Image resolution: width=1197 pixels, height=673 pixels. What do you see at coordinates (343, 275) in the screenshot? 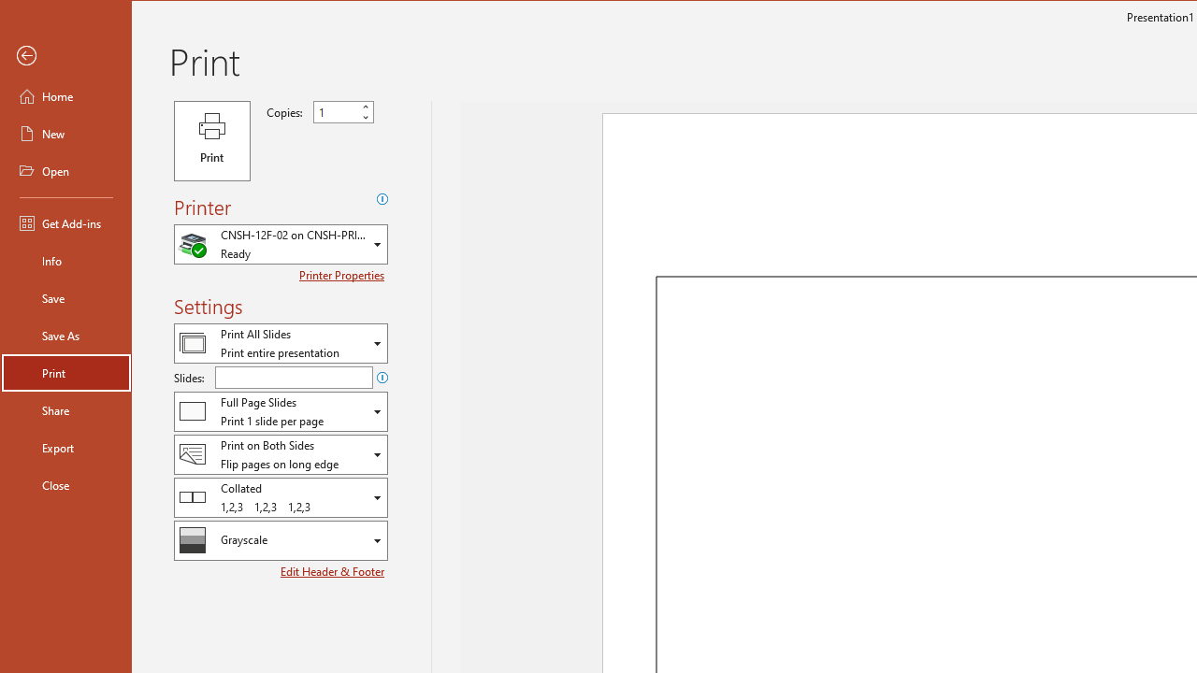
I see `'Printer Properties'` at bounding box center [343, 275].